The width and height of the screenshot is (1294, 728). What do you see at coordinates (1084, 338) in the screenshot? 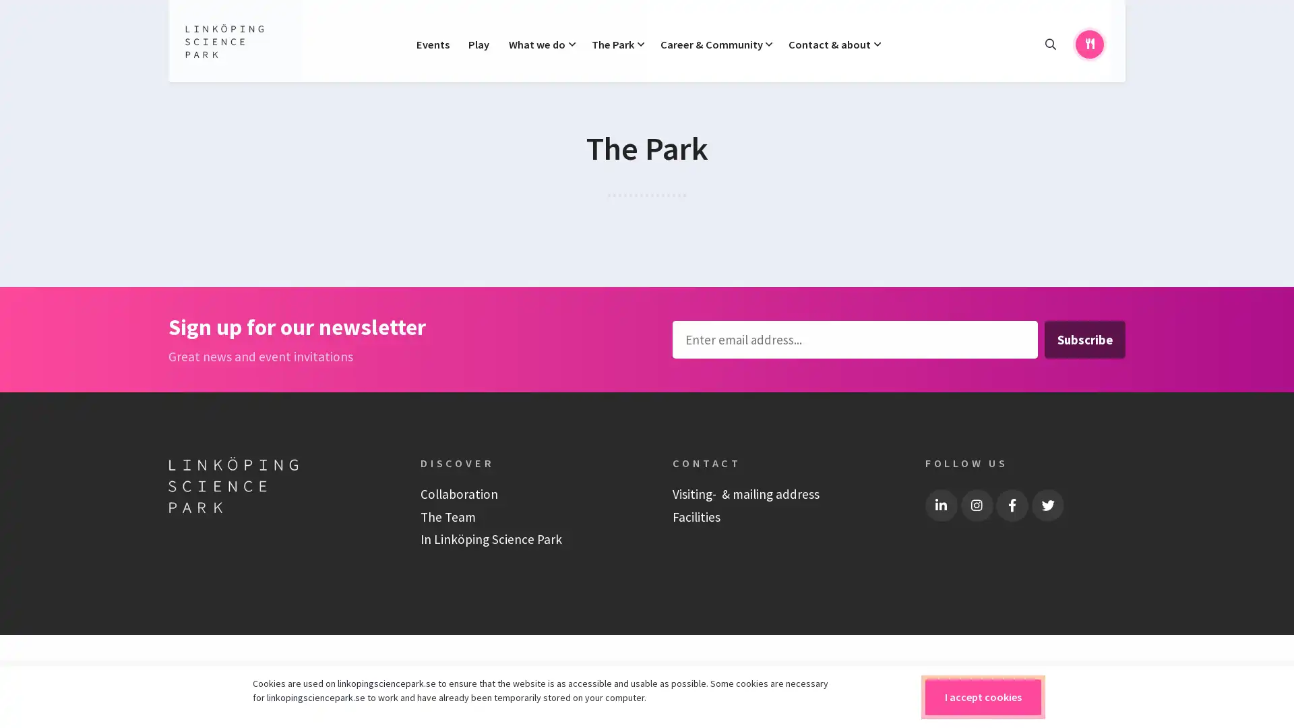
I see `Subscribe` at bounding box center [1084, 338].